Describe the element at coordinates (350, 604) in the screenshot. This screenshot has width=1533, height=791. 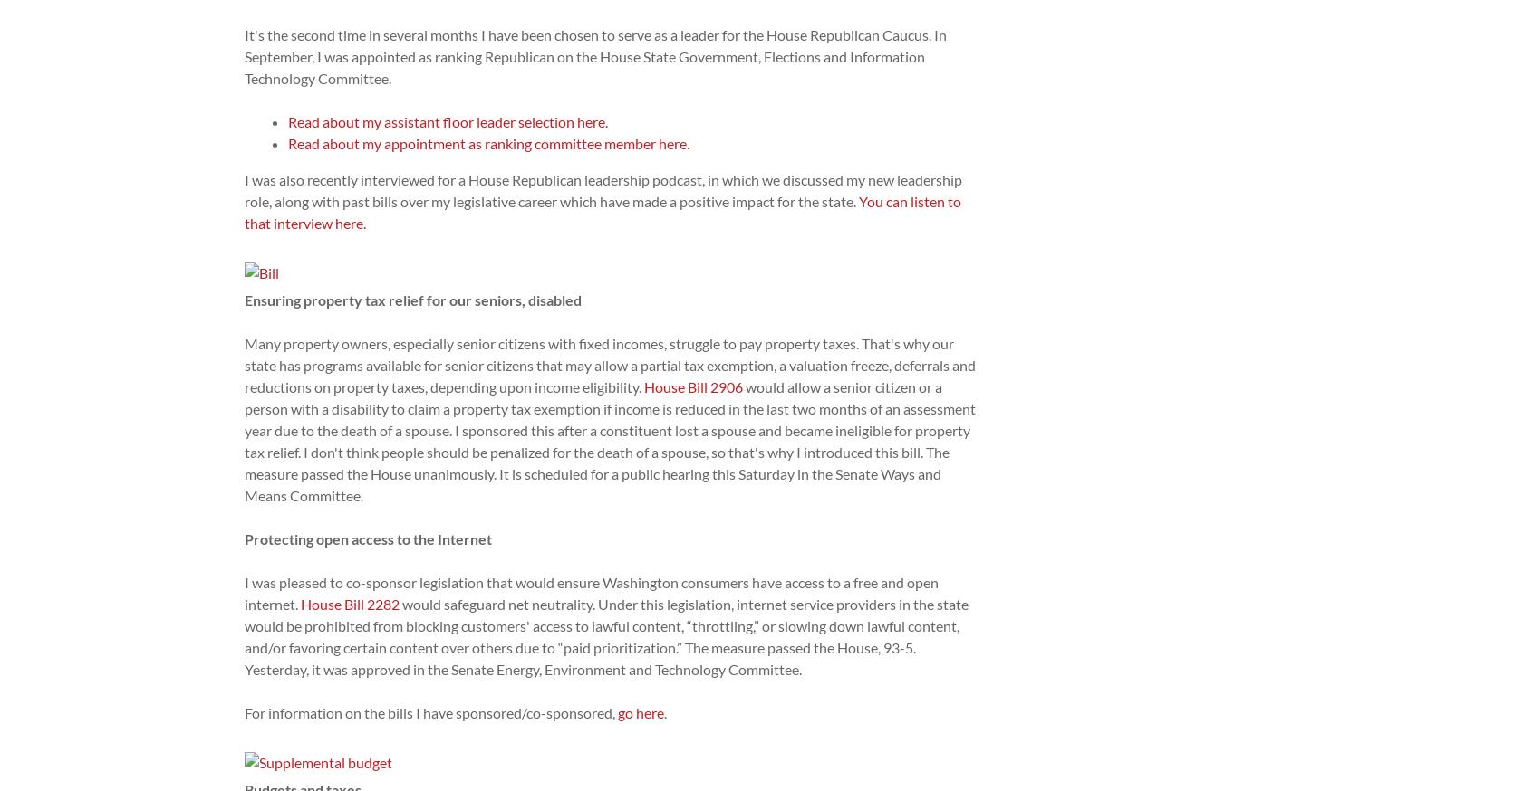
I see `'House Bill 2282'` at that location.